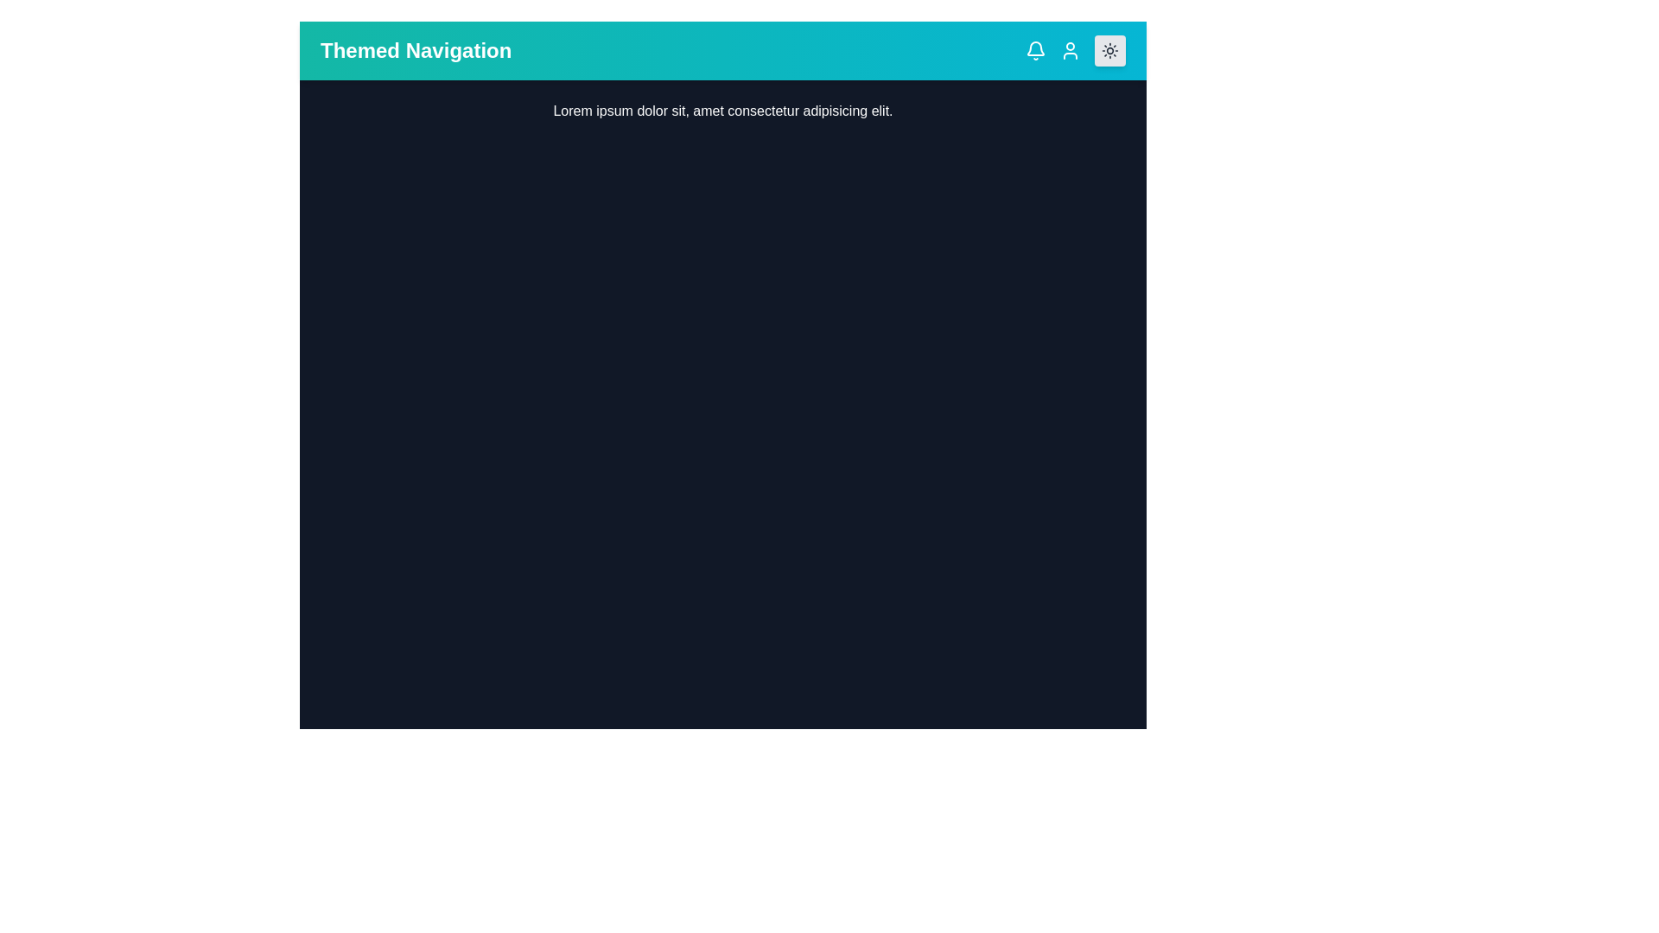  Describe the element at coordinates (1069, 49) in the screenshot. I see `the user icon to simulate a user-related action` at that location.